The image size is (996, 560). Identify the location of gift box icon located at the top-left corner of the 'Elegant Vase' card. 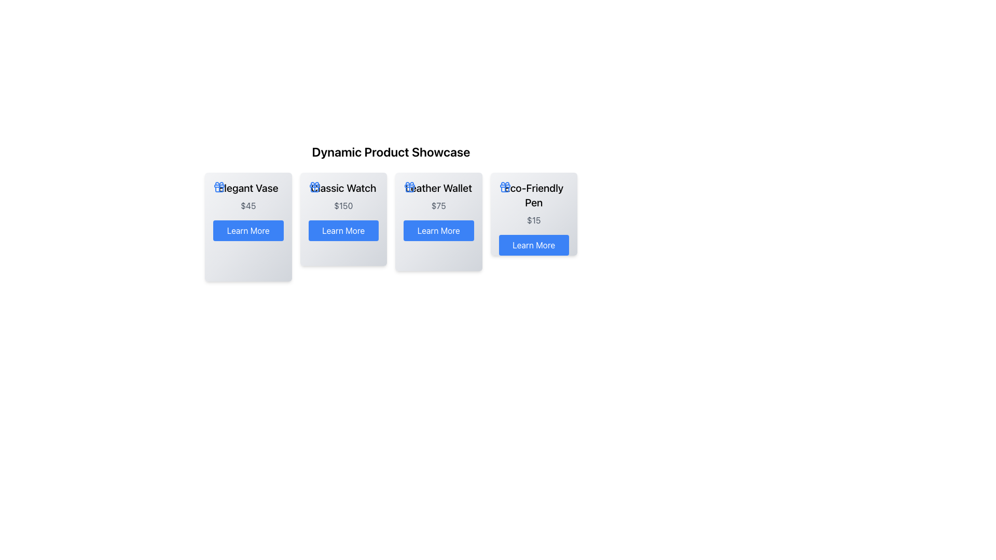
(218, 187).